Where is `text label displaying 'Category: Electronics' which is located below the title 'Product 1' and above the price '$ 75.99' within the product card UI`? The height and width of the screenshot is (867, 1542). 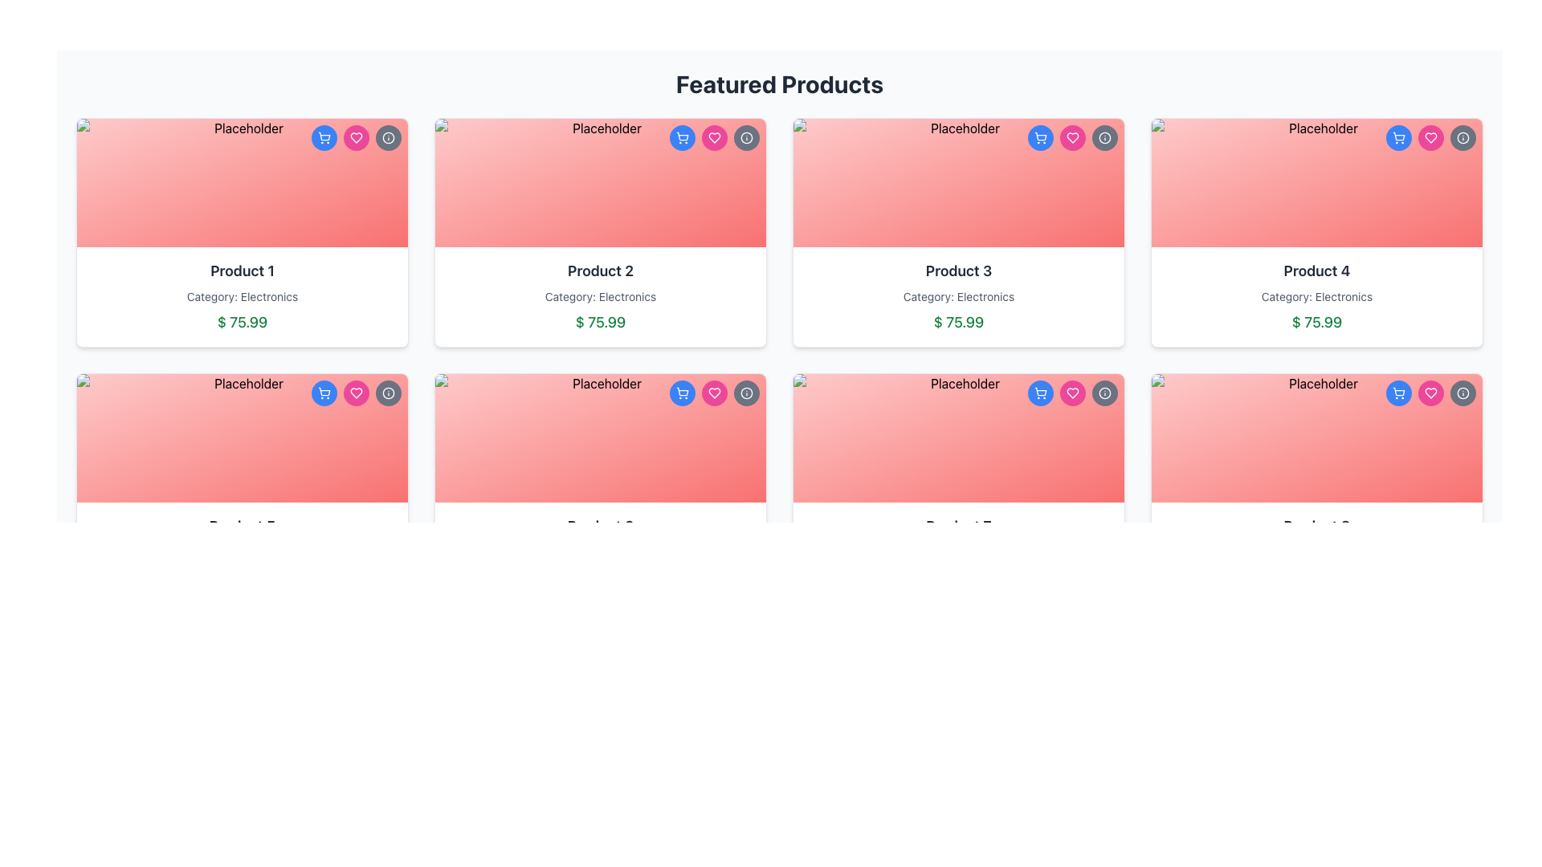 text label displaying 'Category: Electronics' which is located below the title 'Product 1' and above the price '$ 75.99' within the product card UI is located at coordinates (242, 297).